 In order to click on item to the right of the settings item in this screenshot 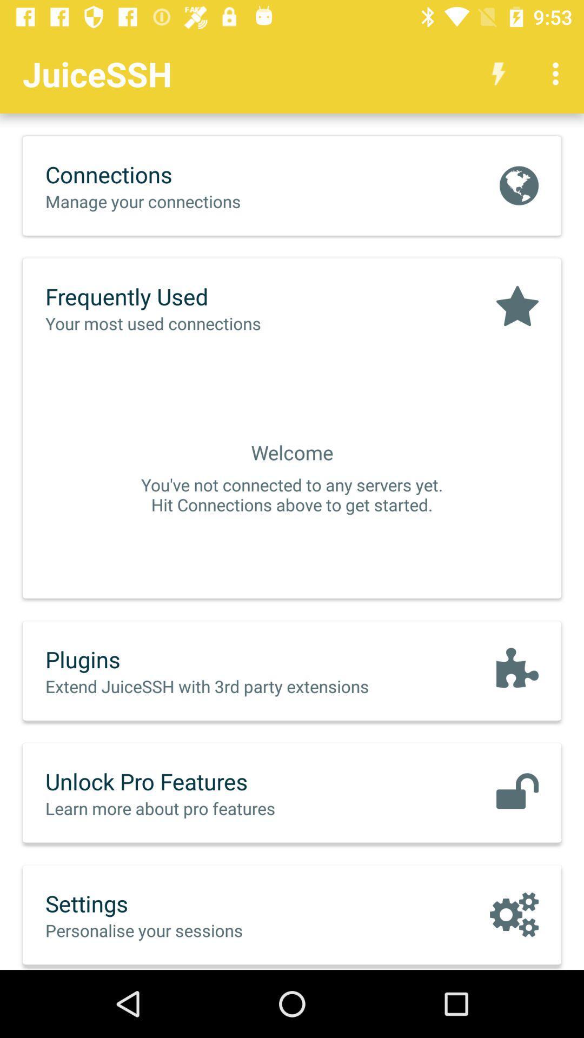, I will do `click(514, 914)`.